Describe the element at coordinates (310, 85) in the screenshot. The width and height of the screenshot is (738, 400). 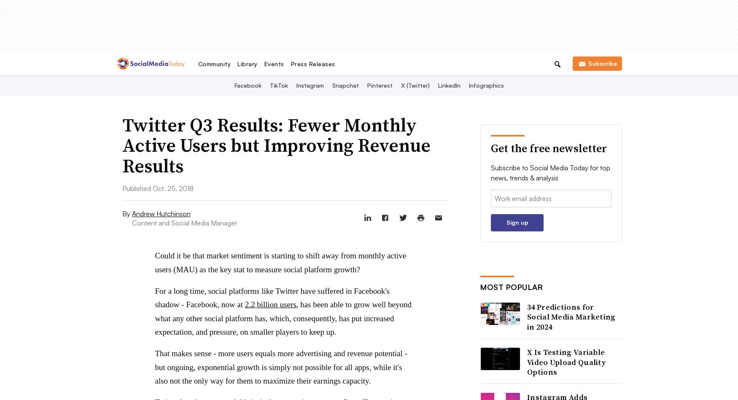
I see `'Instagram'` at that location.